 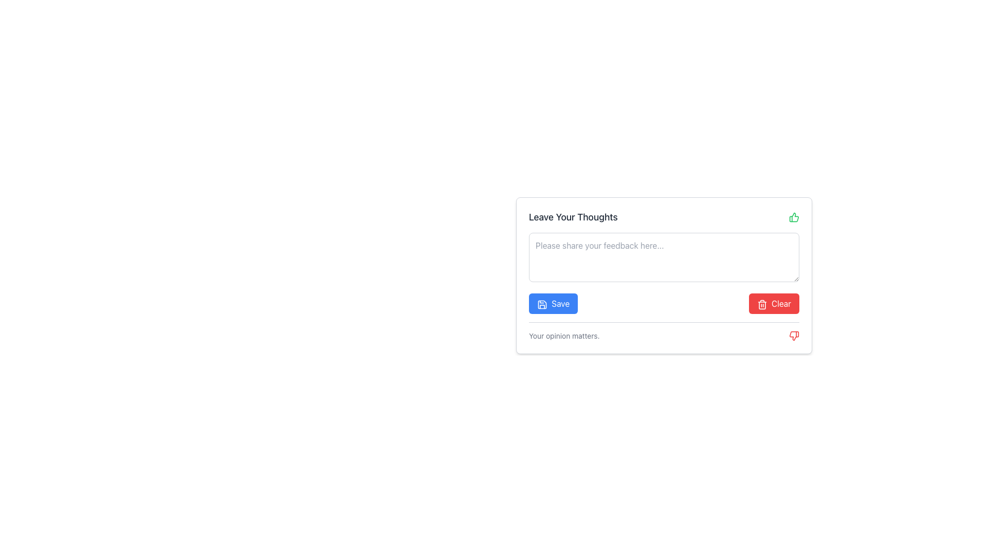 What do you see at coordinates (542, 303) in the screenshot?
I see `the save icon, which is a blue floppy disk symbol located below the input text area in the 'Leave Your Thoughts' form` at bounding box center [542, 303].